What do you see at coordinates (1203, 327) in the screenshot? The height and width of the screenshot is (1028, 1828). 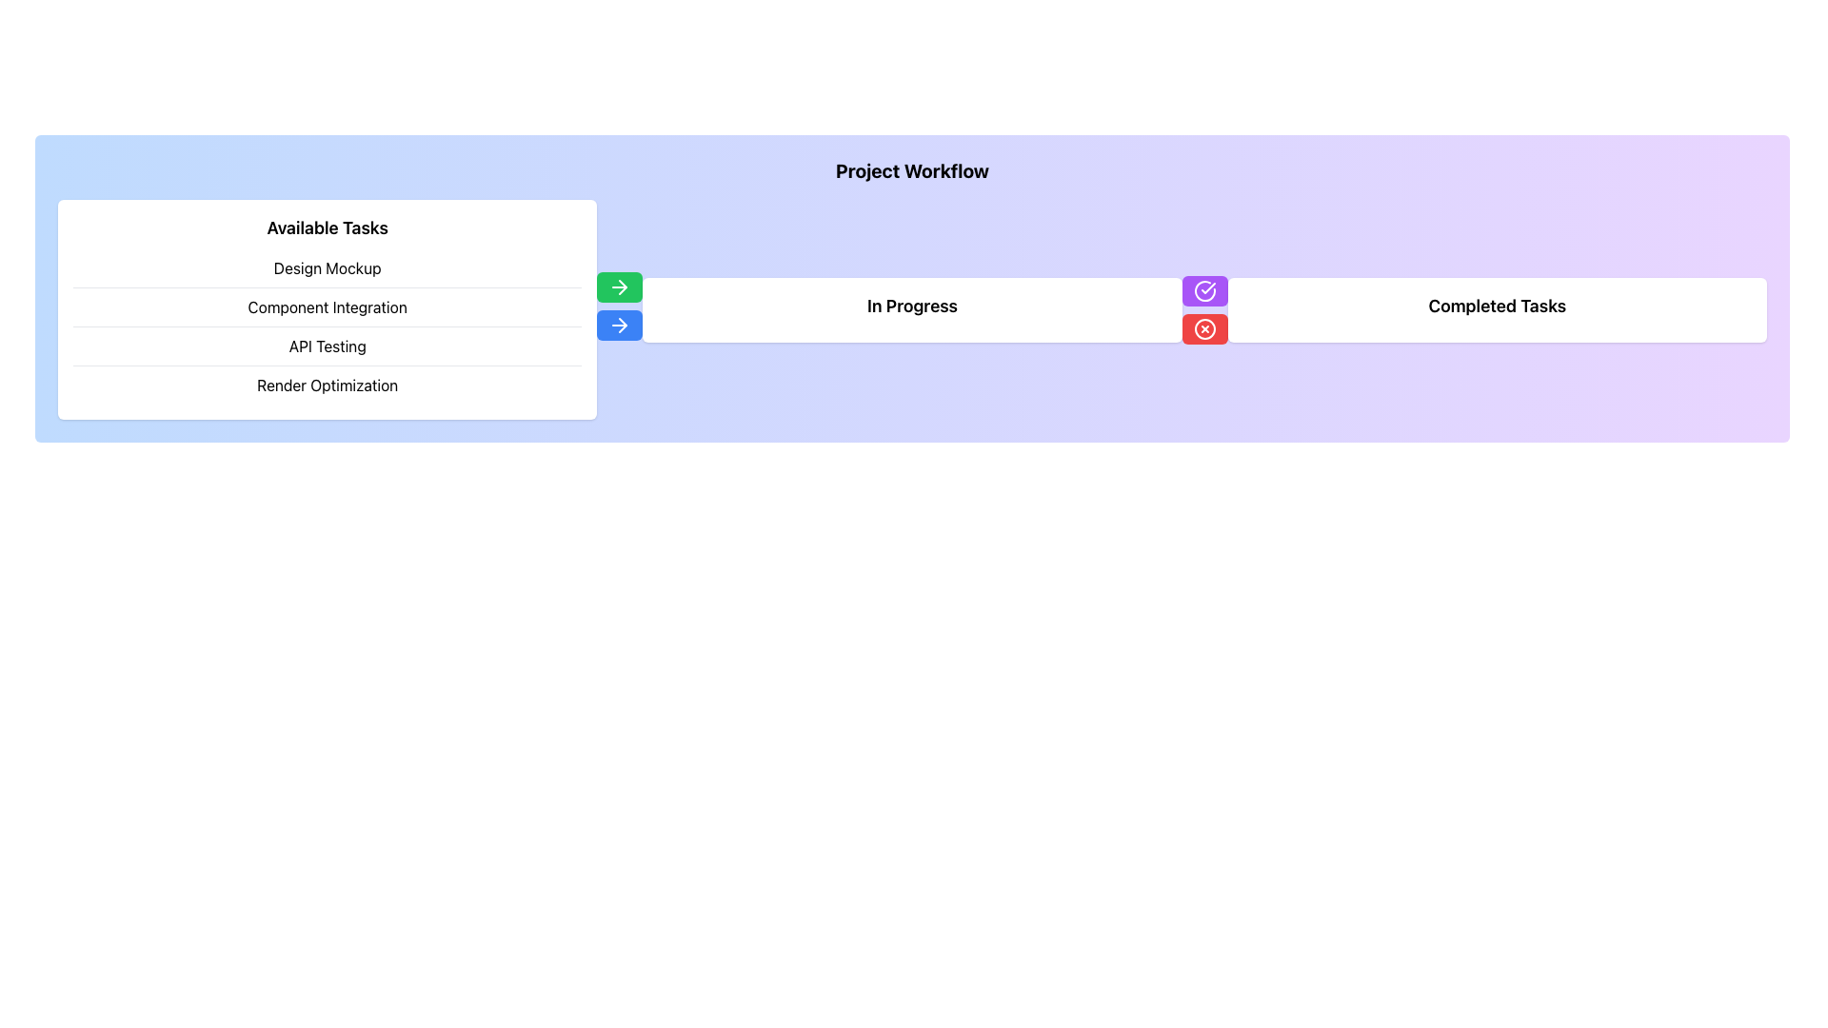 I see `the icon button for deletion, located to the right of the purple edit button in the 'In Progress' column` at bounding box center [1203, 327].